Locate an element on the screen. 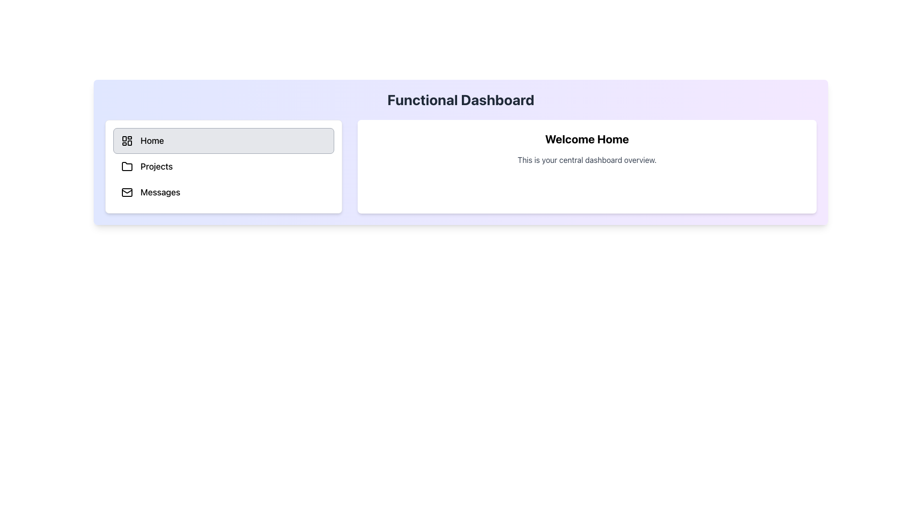  the welcoming title text under the 'Functional Dashboard' heading that greets the user is located at coordinates (587, 139).